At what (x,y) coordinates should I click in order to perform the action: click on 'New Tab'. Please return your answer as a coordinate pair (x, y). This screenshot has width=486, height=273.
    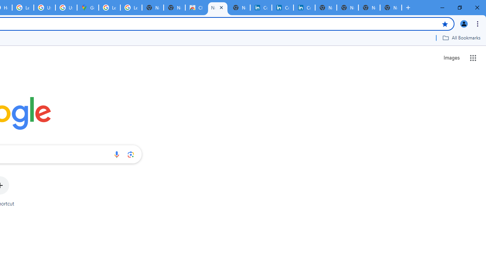
    Looking at the image, I should click on (391, 8).